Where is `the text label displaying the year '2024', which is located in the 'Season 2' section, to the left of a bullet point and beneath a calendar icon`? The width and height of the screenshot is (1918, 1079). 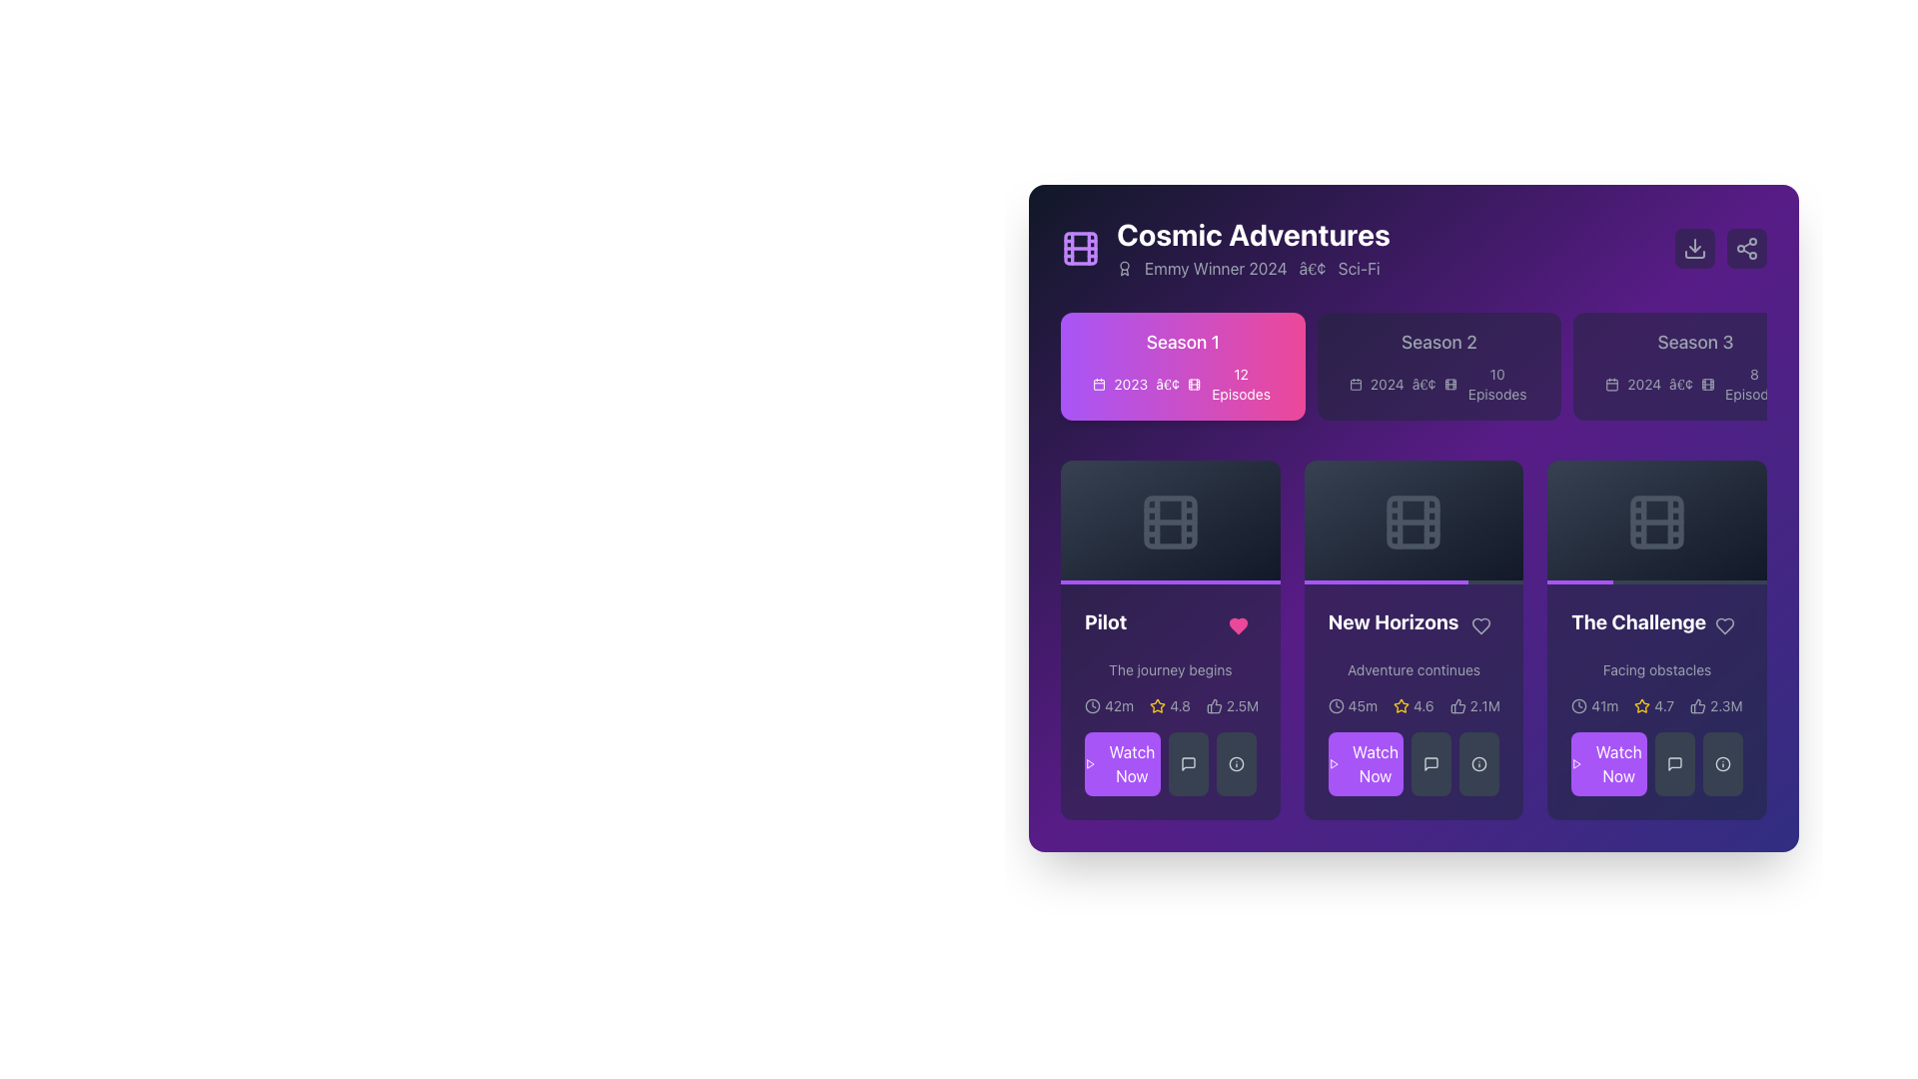
the text label displaying the year '2024', which is located in the 'Season 2' section, to the left of a bullet point and beneath a calendar icon is located at coordinates (1386, 385).